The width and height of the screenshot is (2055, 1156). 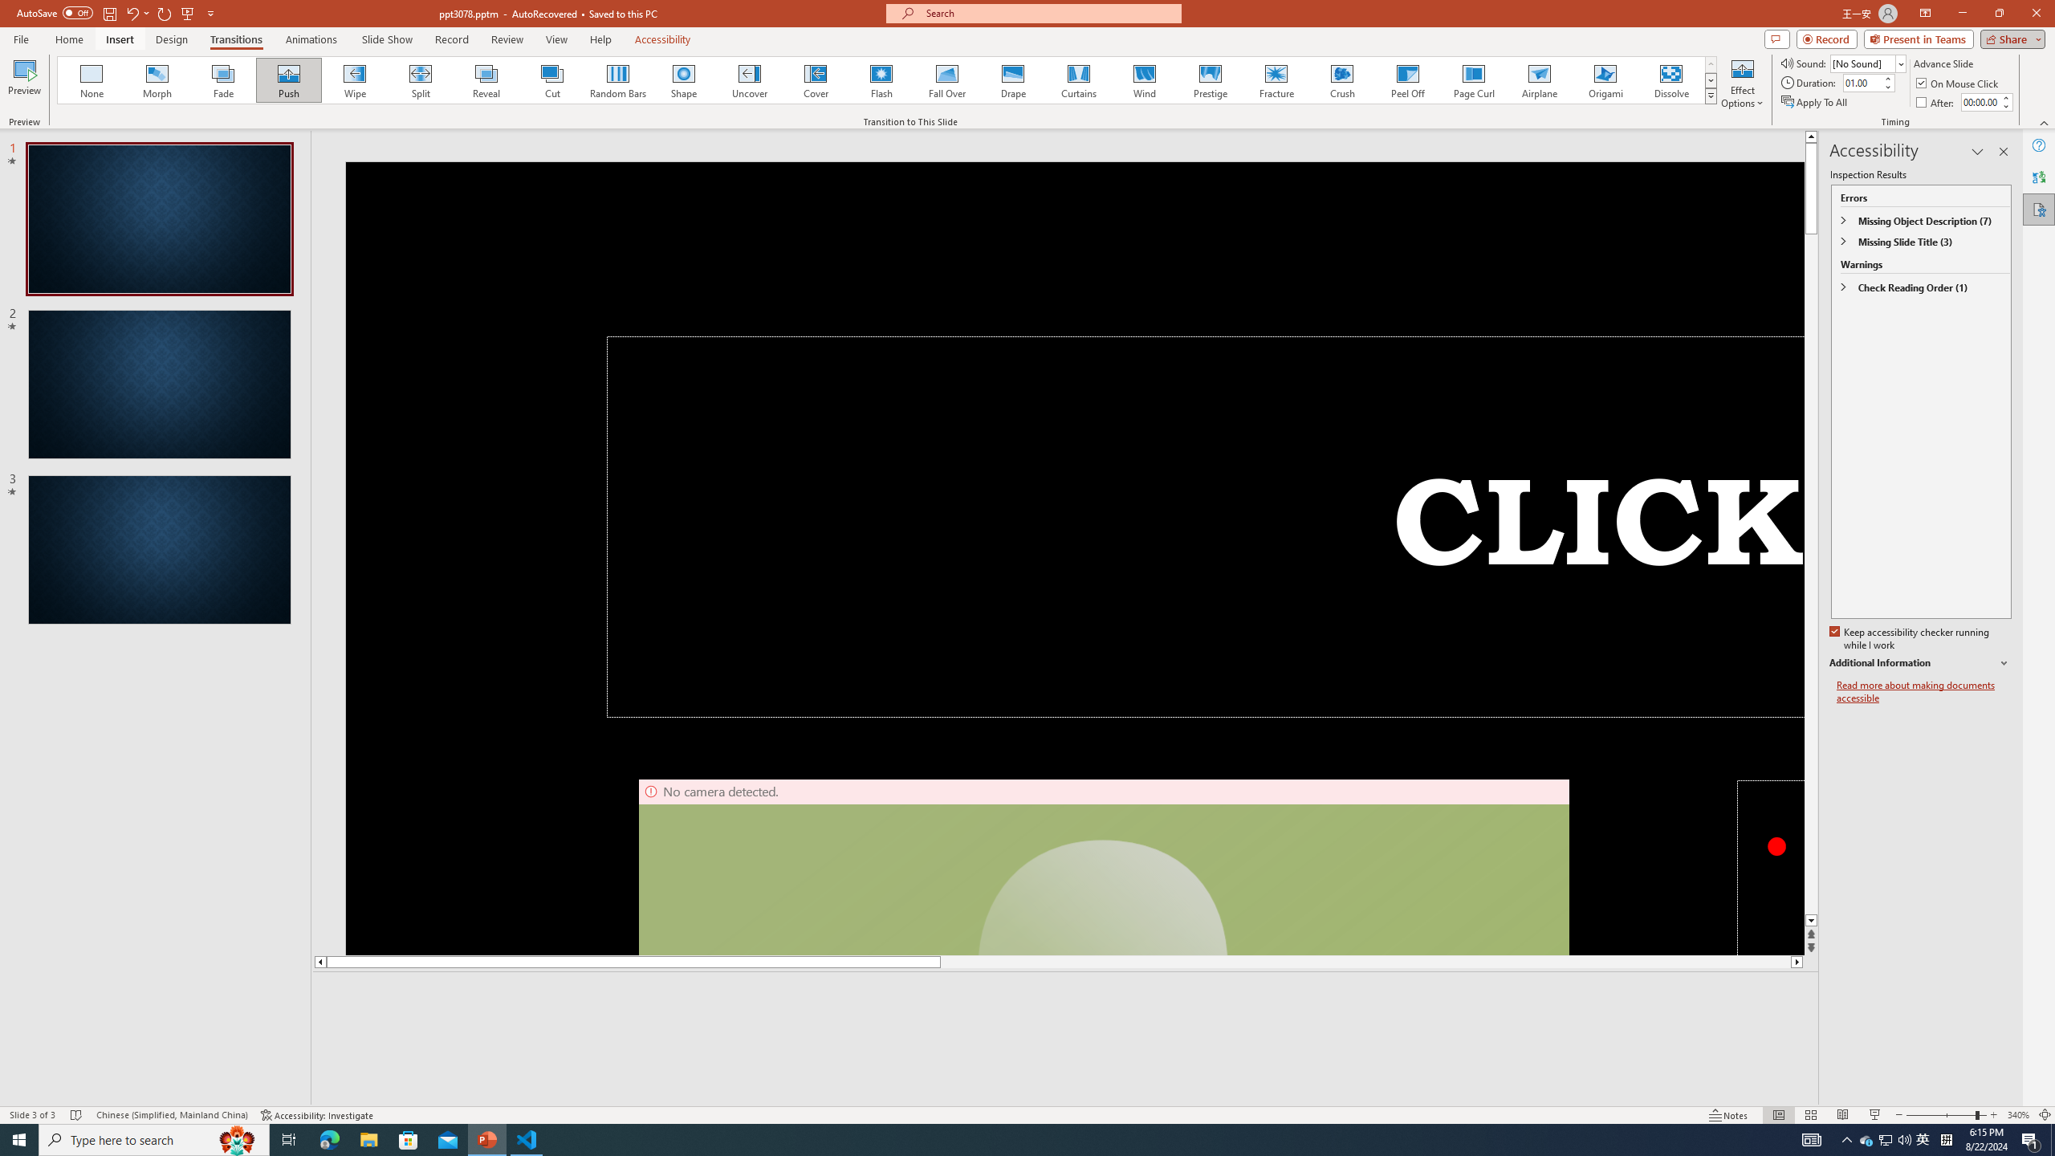 What do you see at coordinates (1936, 102) in the screenshot?
I see `'After'` at bounding box center [1936, 102].